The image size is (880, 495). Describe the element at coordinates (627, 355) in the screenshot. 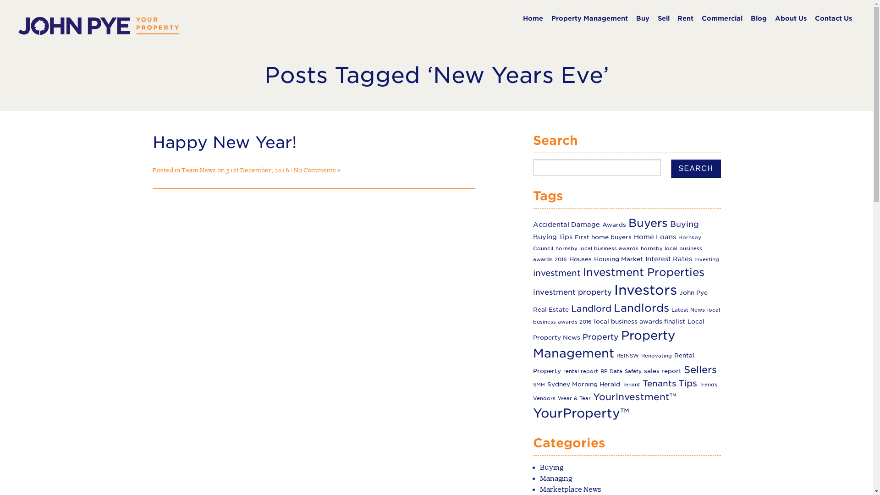

I see `'REINSW'` at that location.